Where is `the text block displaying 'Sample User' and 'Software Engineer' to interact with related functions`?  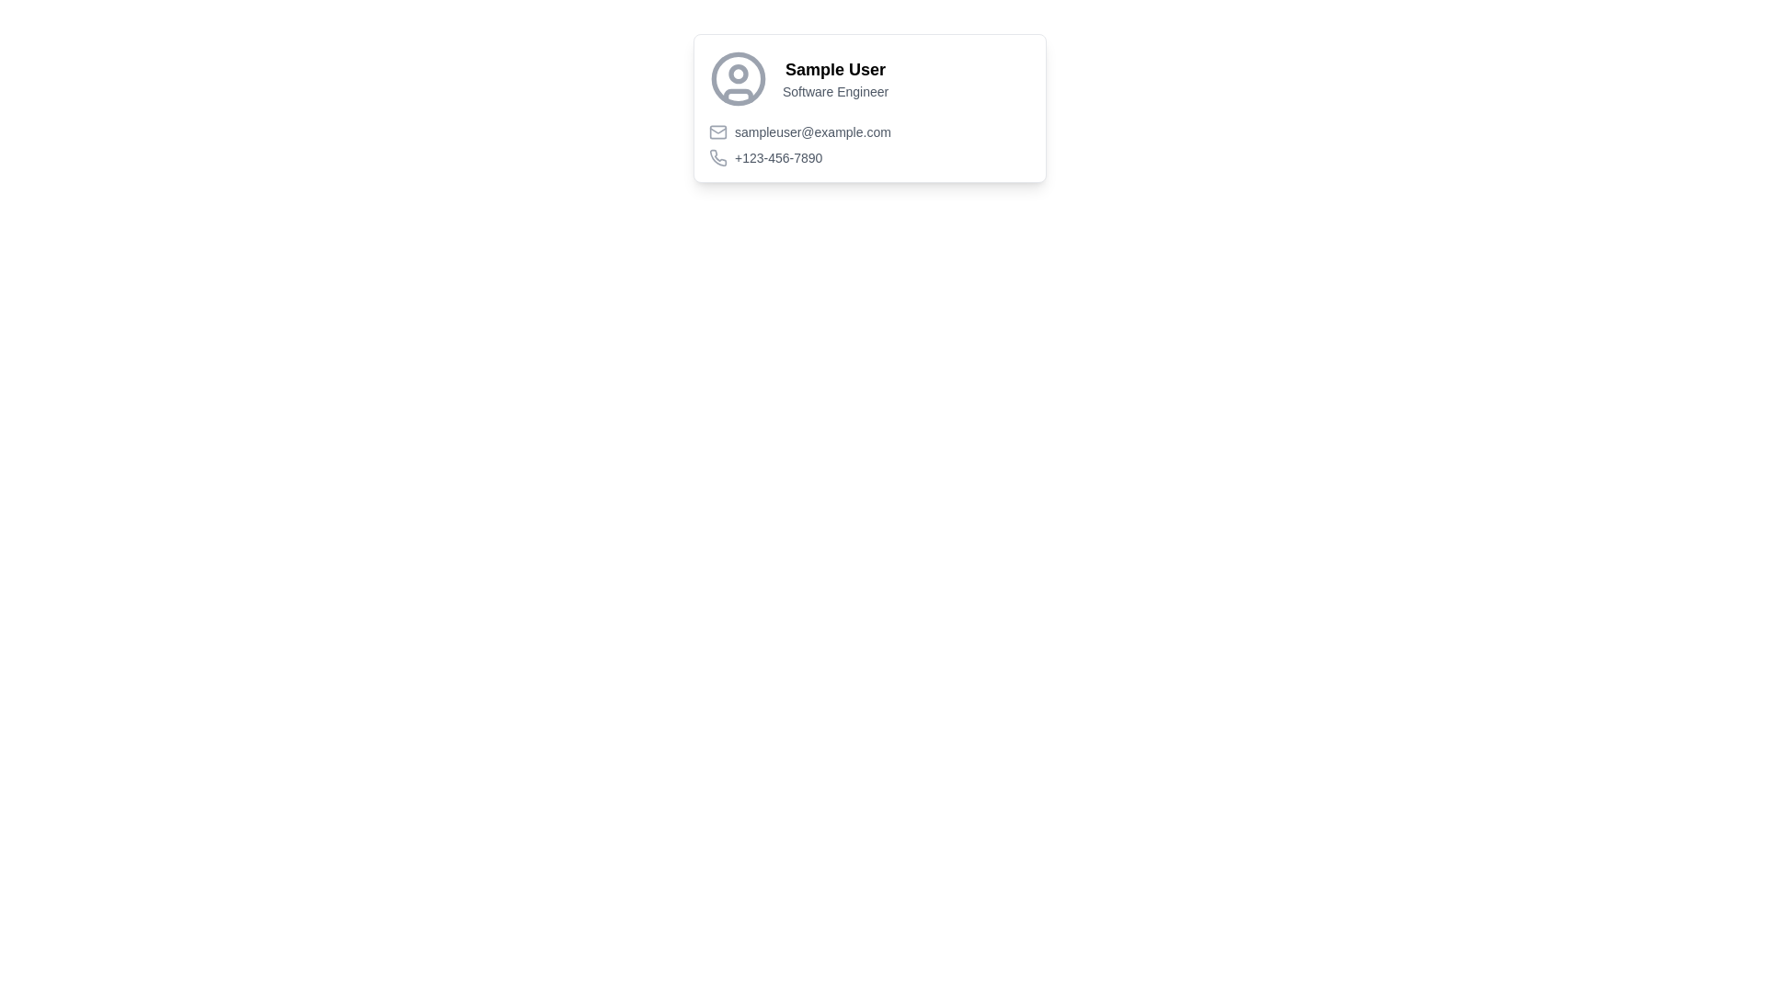
the text block displaying 'Sample User' and 'Software Engineer' to interact with related functions is located at coordinates (833, 77).